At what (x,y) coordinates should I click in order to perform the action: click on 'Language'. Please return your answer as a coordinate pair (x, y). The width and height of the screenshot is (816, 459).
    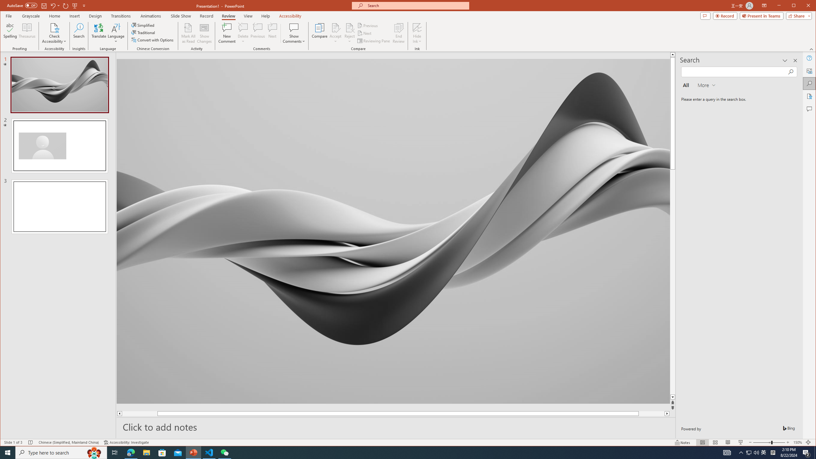
    Looking at the image, I should click on (116, 33).